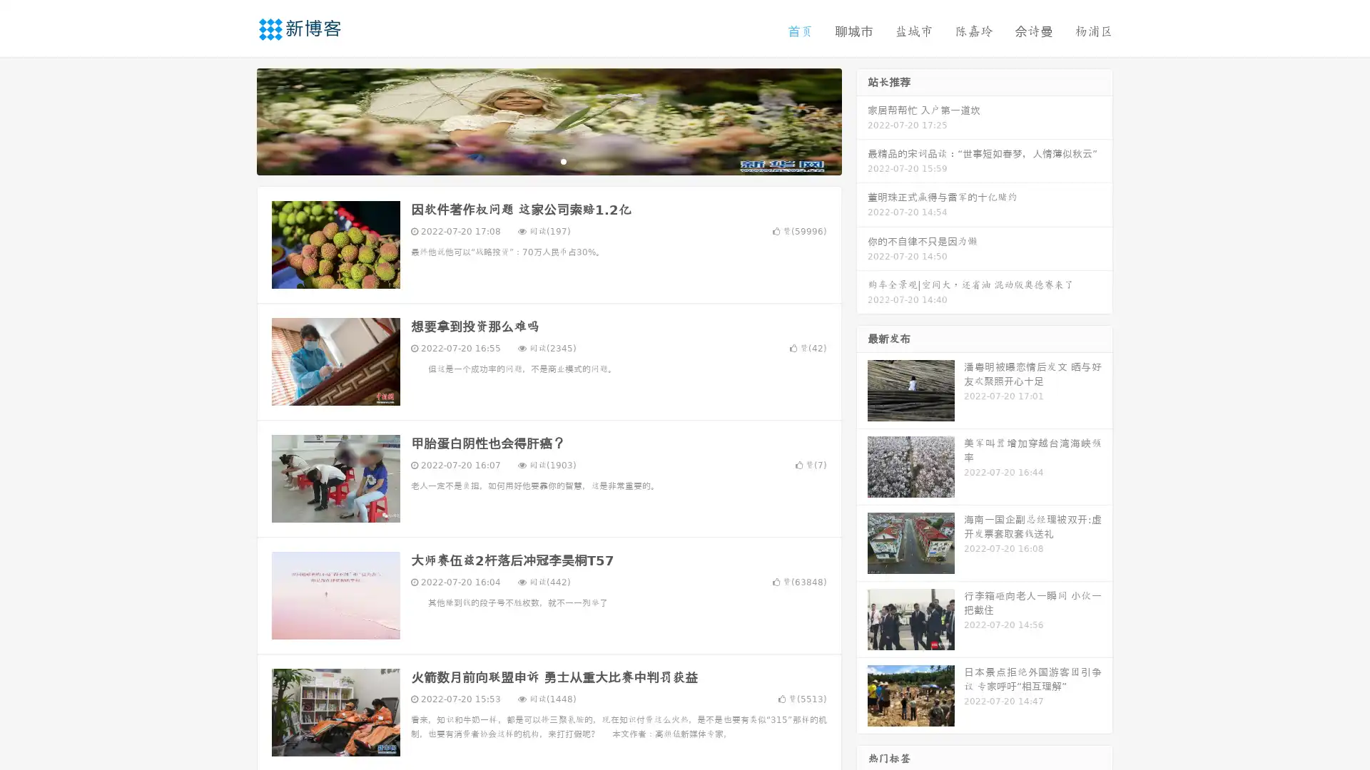  What do you see at coordinates (862, 120) in the screenshot?
I see `Next slide` at bounding box center [862, 120].